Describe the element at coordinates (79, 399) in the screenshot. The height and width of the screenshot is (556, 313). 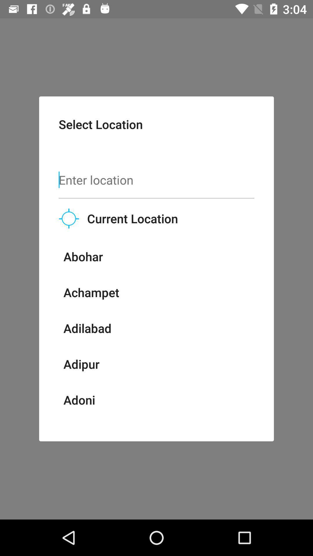
I see `icon above the agra item` at that location.